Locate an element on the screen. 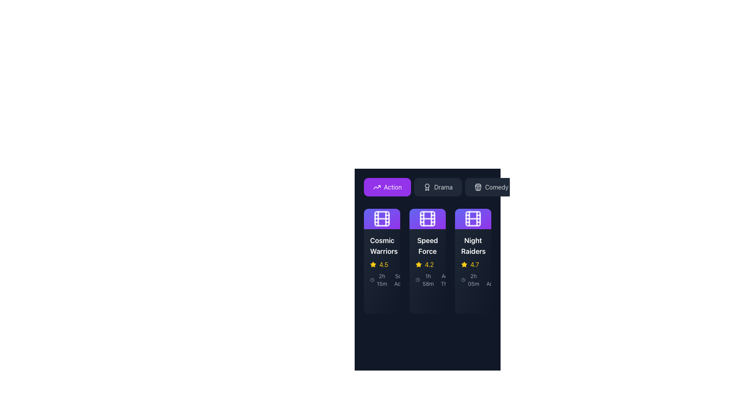  the circular clock face element located under the movie 'Speed Force' in the interface is located at coordinates (417, 280).